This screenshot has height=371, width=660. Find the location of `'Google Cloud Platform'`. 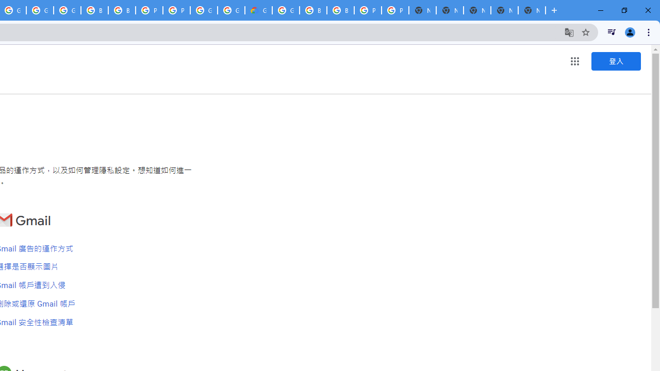

'Google Cloud Platform' is located at coordinates (230, 10).